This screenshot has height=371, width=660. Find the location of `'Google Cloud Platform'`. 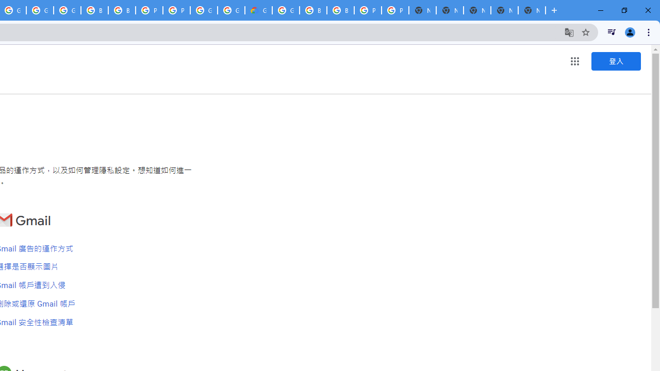

'Google Cloud Platform' is located at coordinates (230, 10).